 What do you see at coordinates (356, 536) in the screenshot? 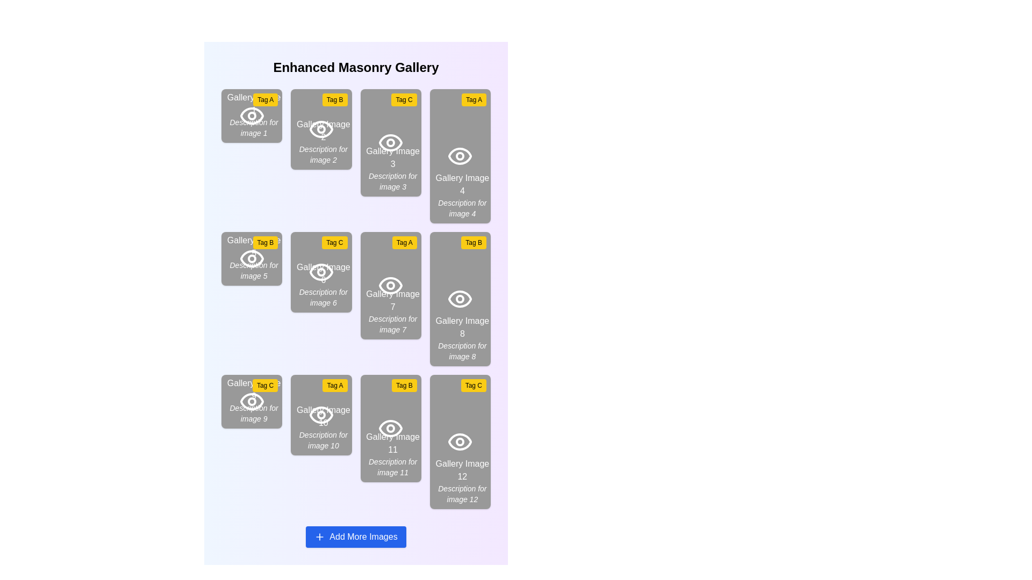
I see `the blue rectangular button labeled 'Add More Images' with rounded corners` at bounding box center [356, 536].